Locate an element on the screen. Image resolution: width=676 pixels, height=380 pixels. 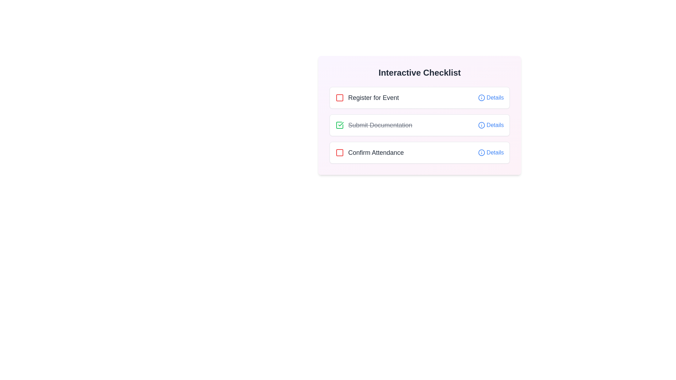
the blue, underlined hyperlink text labeled 'Details' located to the right of the 'Confirm Attendance' text in the third row of the interactive checklist component is located at coordinates (495, 152).